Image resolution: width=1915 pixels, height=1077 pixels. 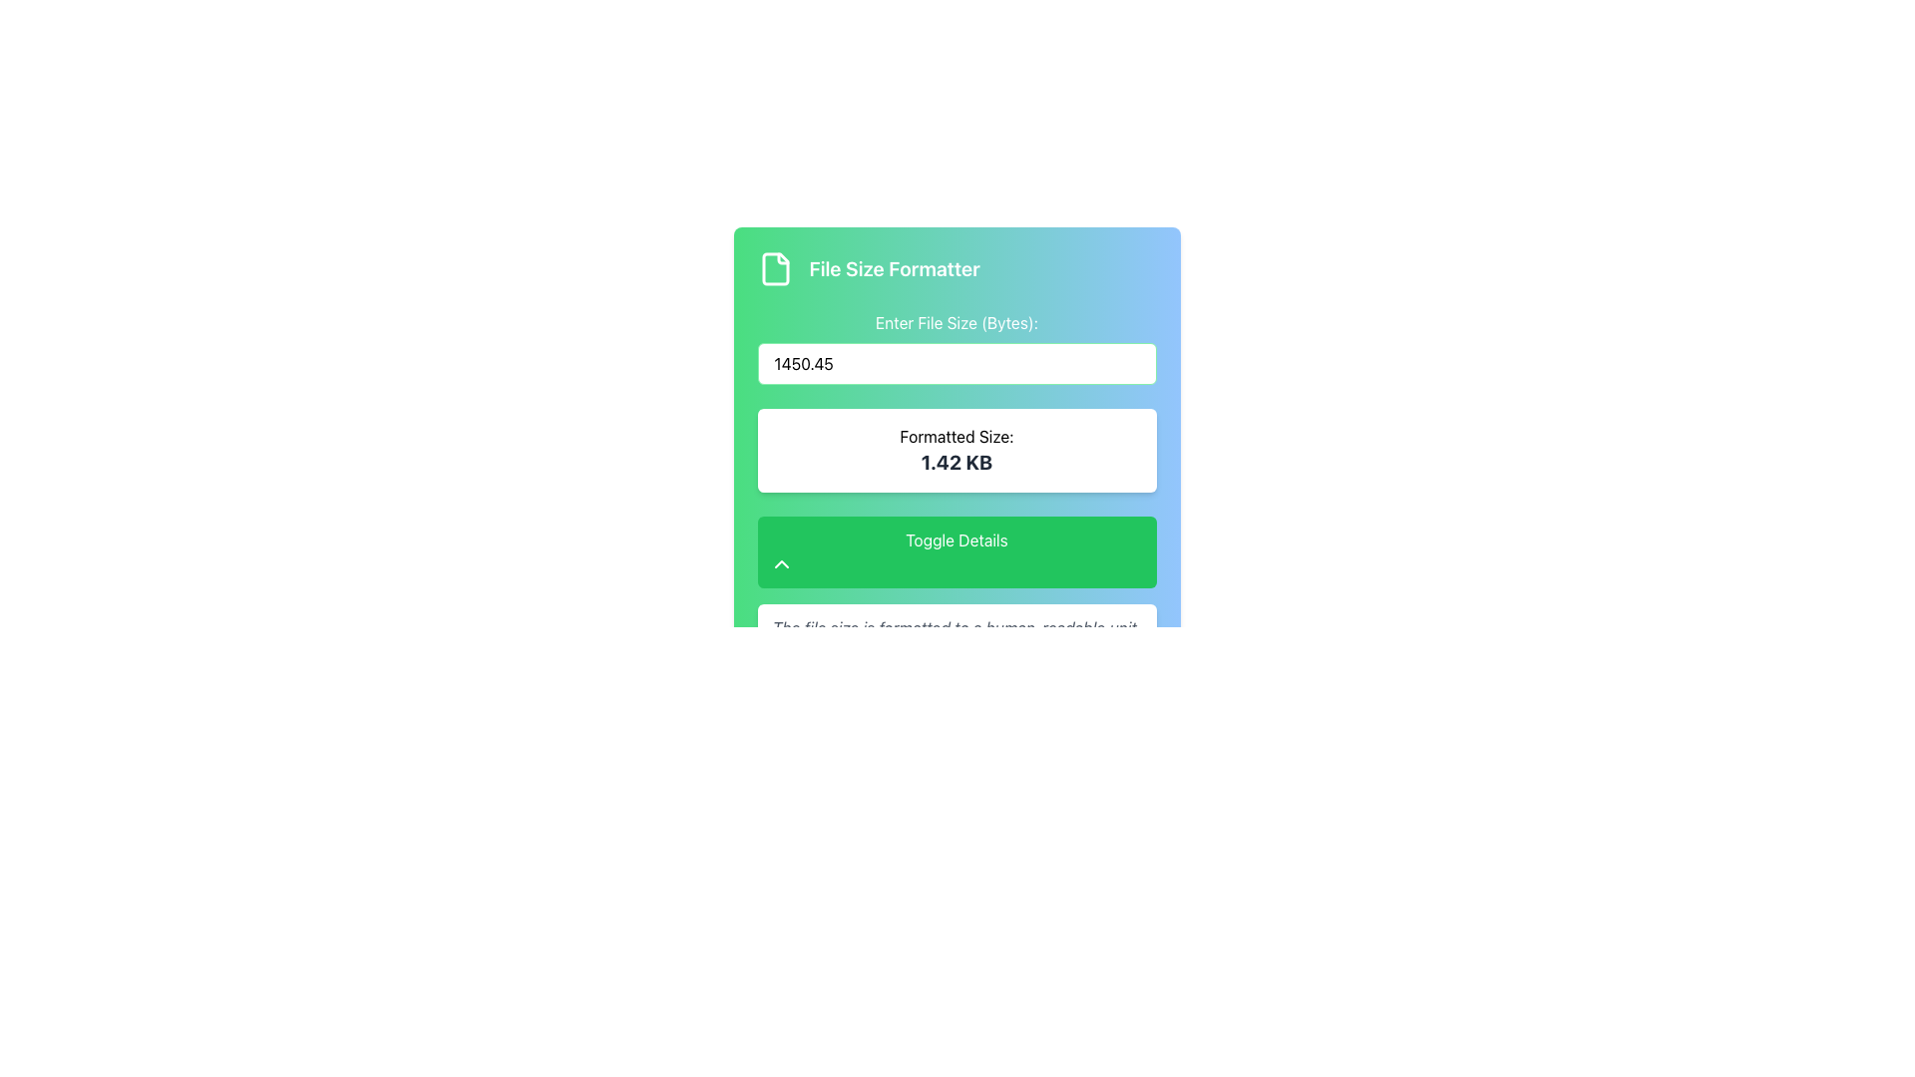 I want to click on the Text Display that shows the formatted file size value, which is located below the label 'Formatted Size:' in the white box, so click(x=956, y=462).